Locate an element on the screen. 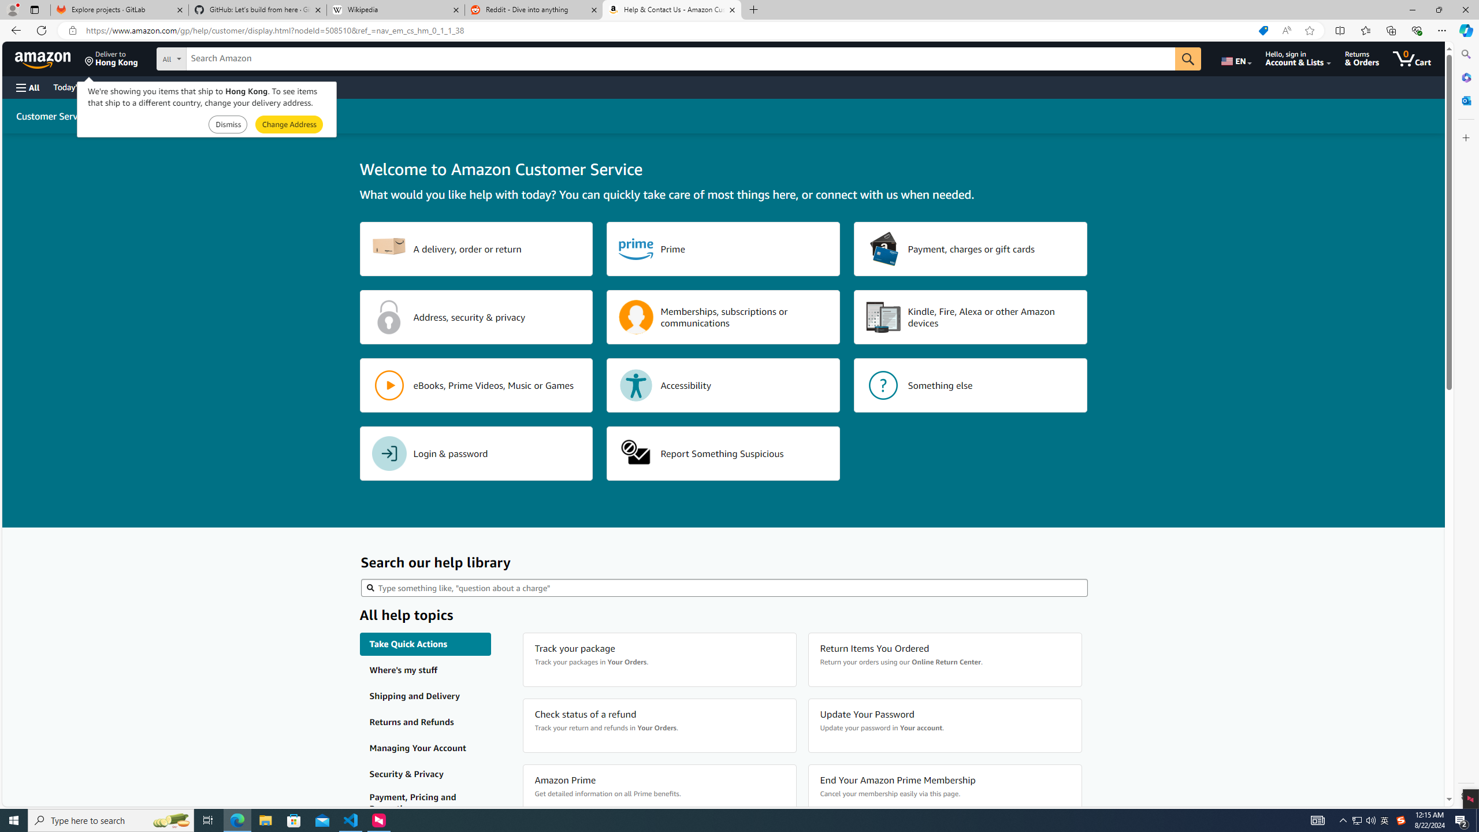 Image resolution: width=1479 pixels, height=832 pixels. 'Reddit - Dive into anything' is located at coordinates (534, 9).